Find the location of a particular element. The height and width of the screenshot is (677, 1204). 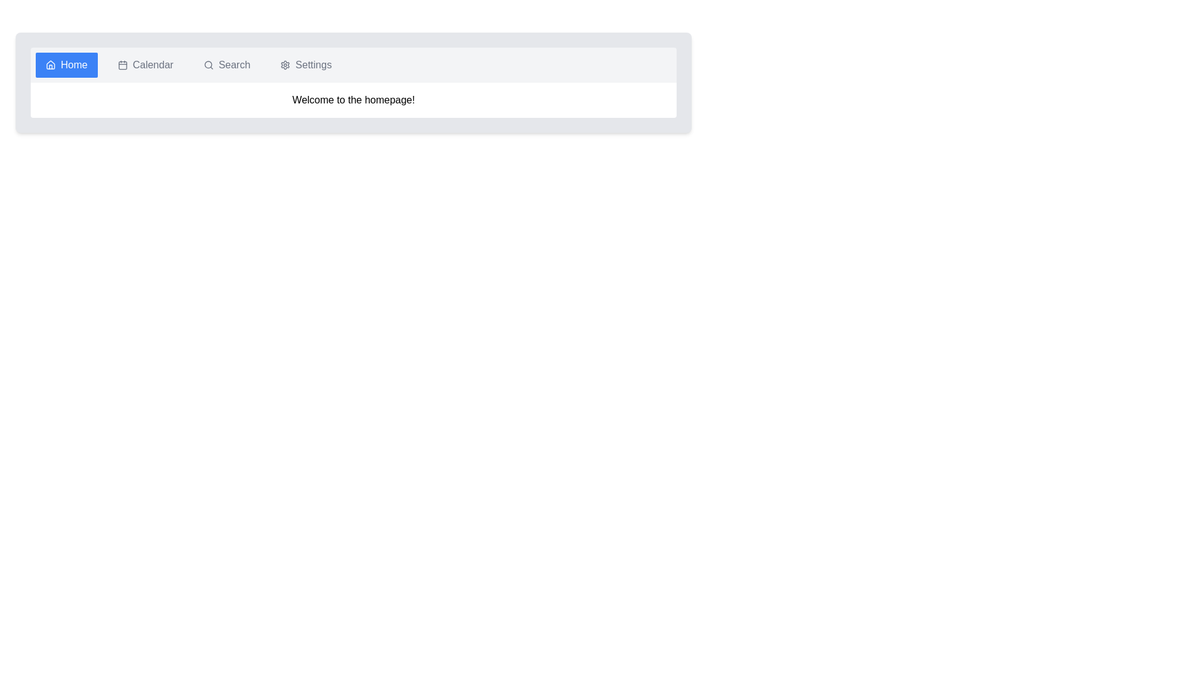

text of the second interactive Text Label in the horizontal navigation menu, which is adjacent to a calendar icon is located at coordinates (152, 65).